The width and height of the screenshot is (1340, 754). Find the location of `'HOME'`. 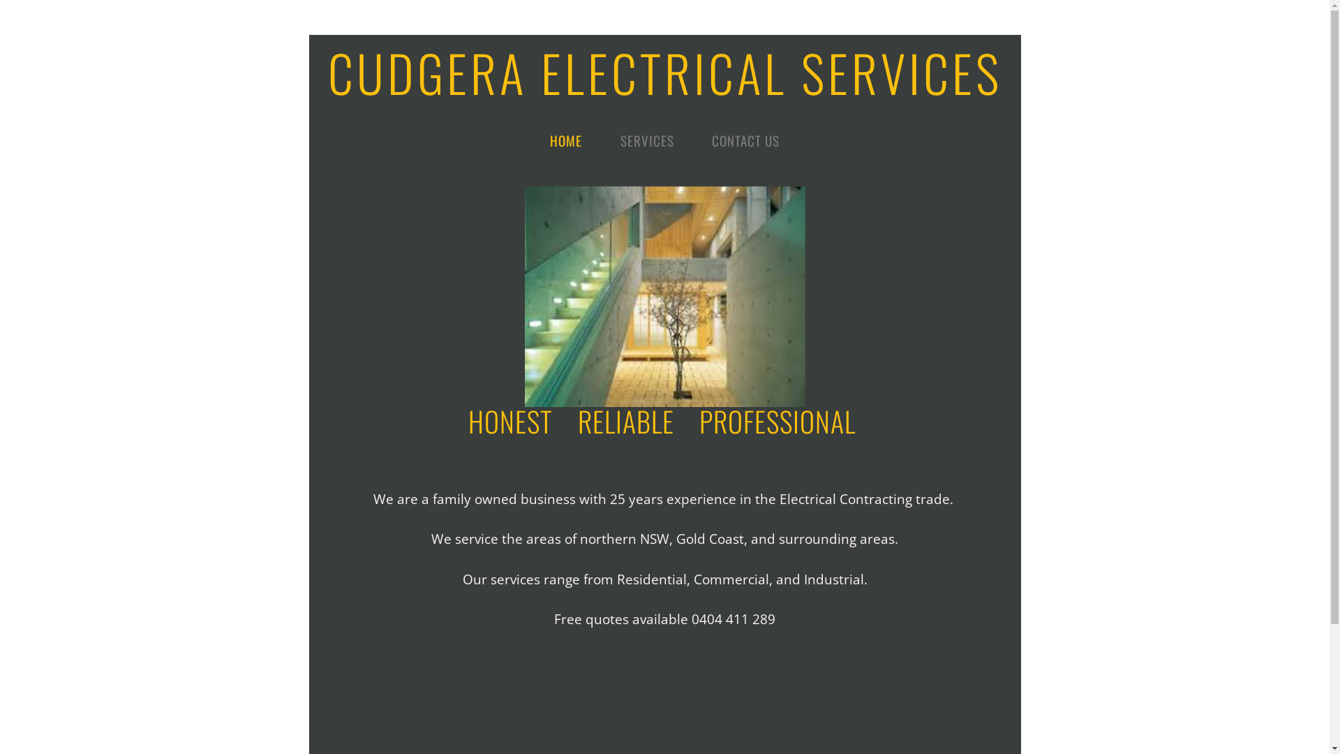

'HOME' is located at coordinates (566, 140).